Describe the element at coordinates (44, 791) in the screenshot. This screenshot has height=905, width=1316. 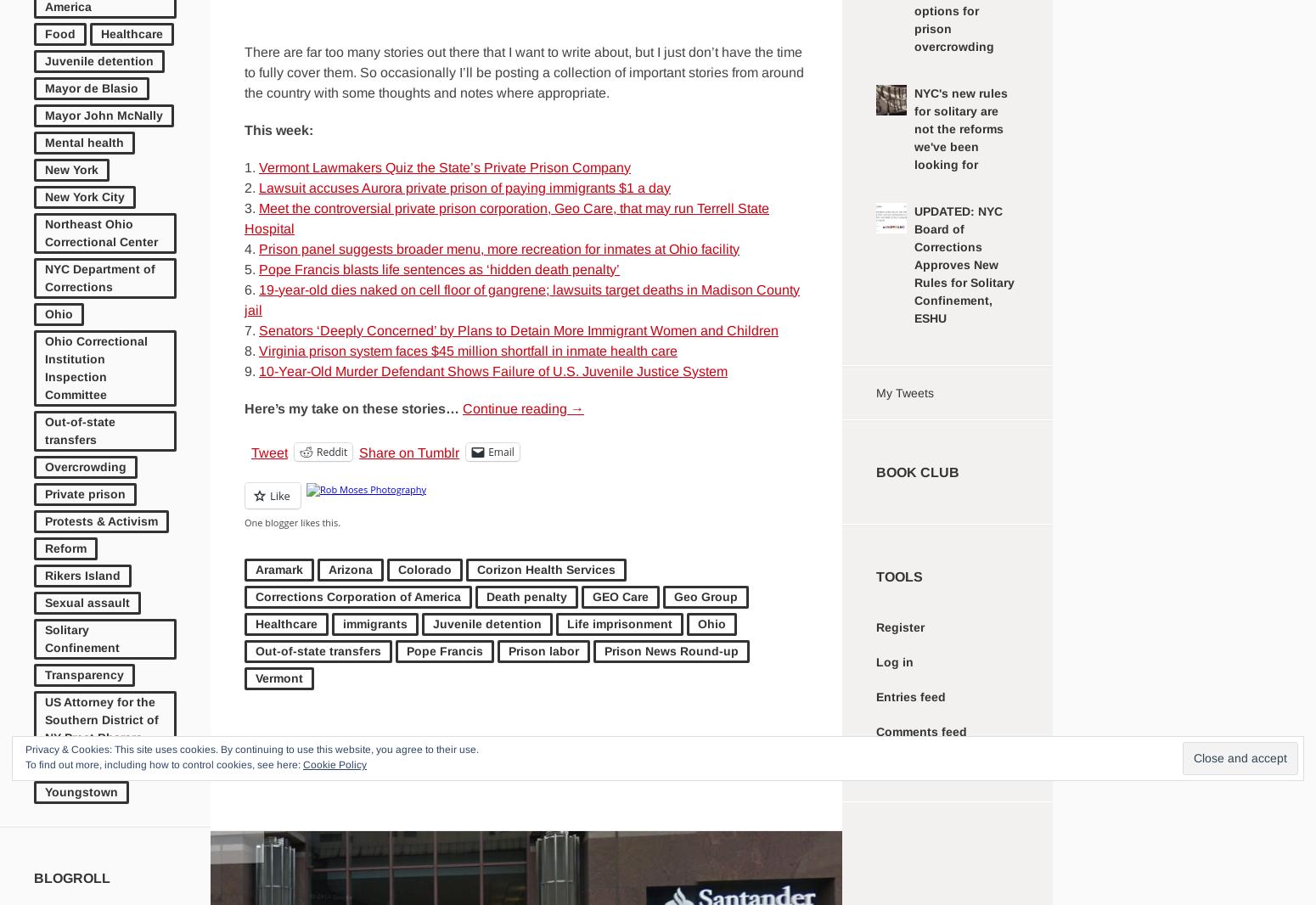
I see `'Youngstown'` at that location.